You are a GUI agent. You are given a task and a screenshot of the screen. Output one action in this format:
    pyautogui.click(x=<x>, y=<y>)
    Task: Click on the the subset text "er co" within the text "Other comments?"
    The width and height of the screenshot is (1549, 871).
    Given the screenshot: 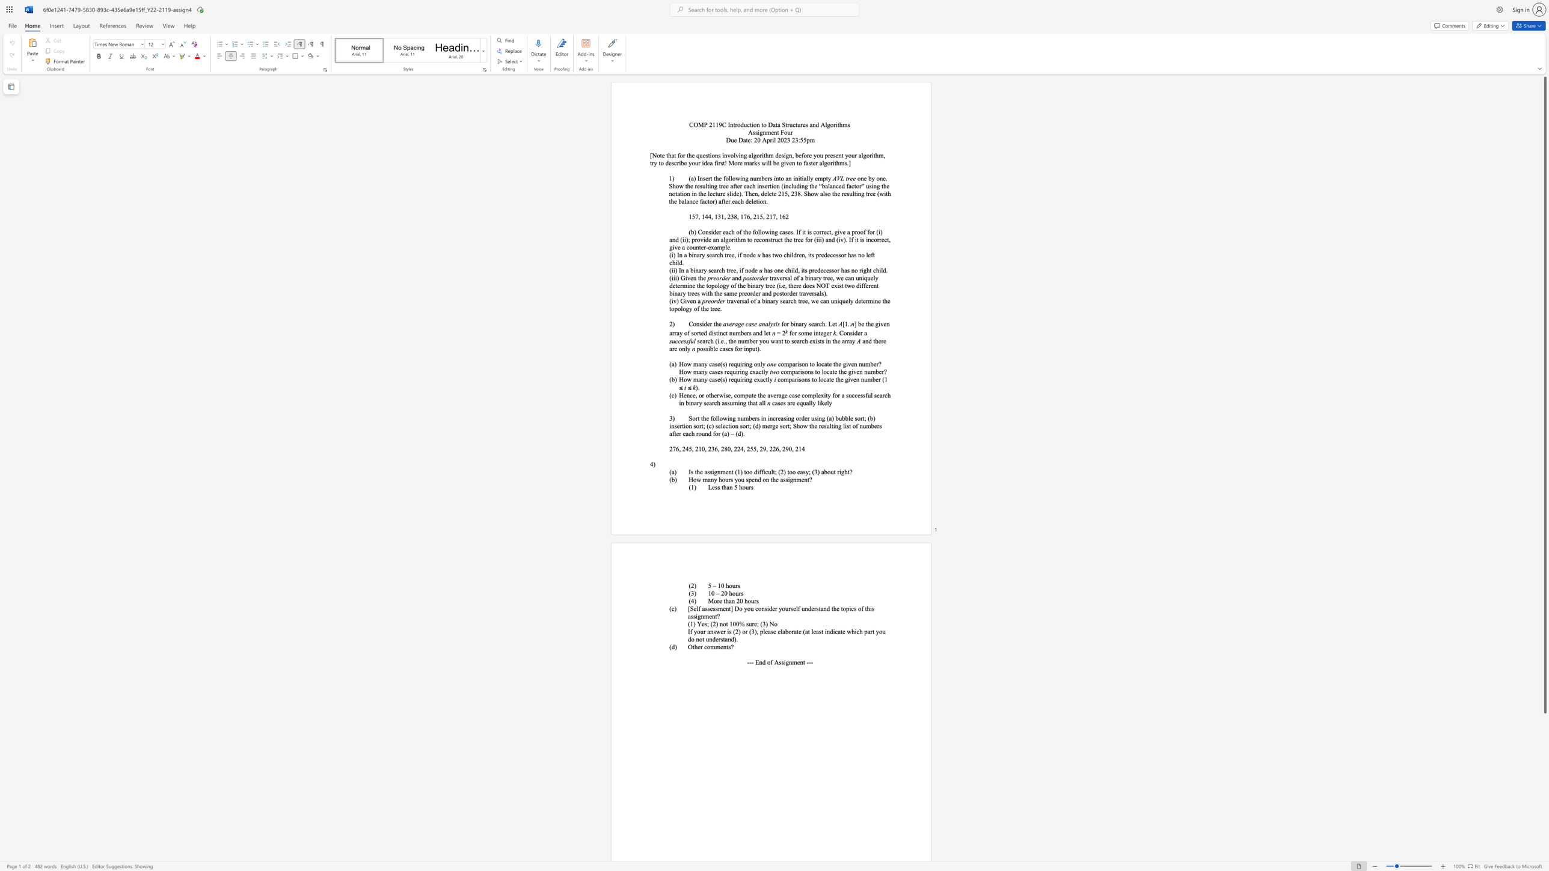 What is the action you would take?
    pyautogui.click(x=697, y=647)
    